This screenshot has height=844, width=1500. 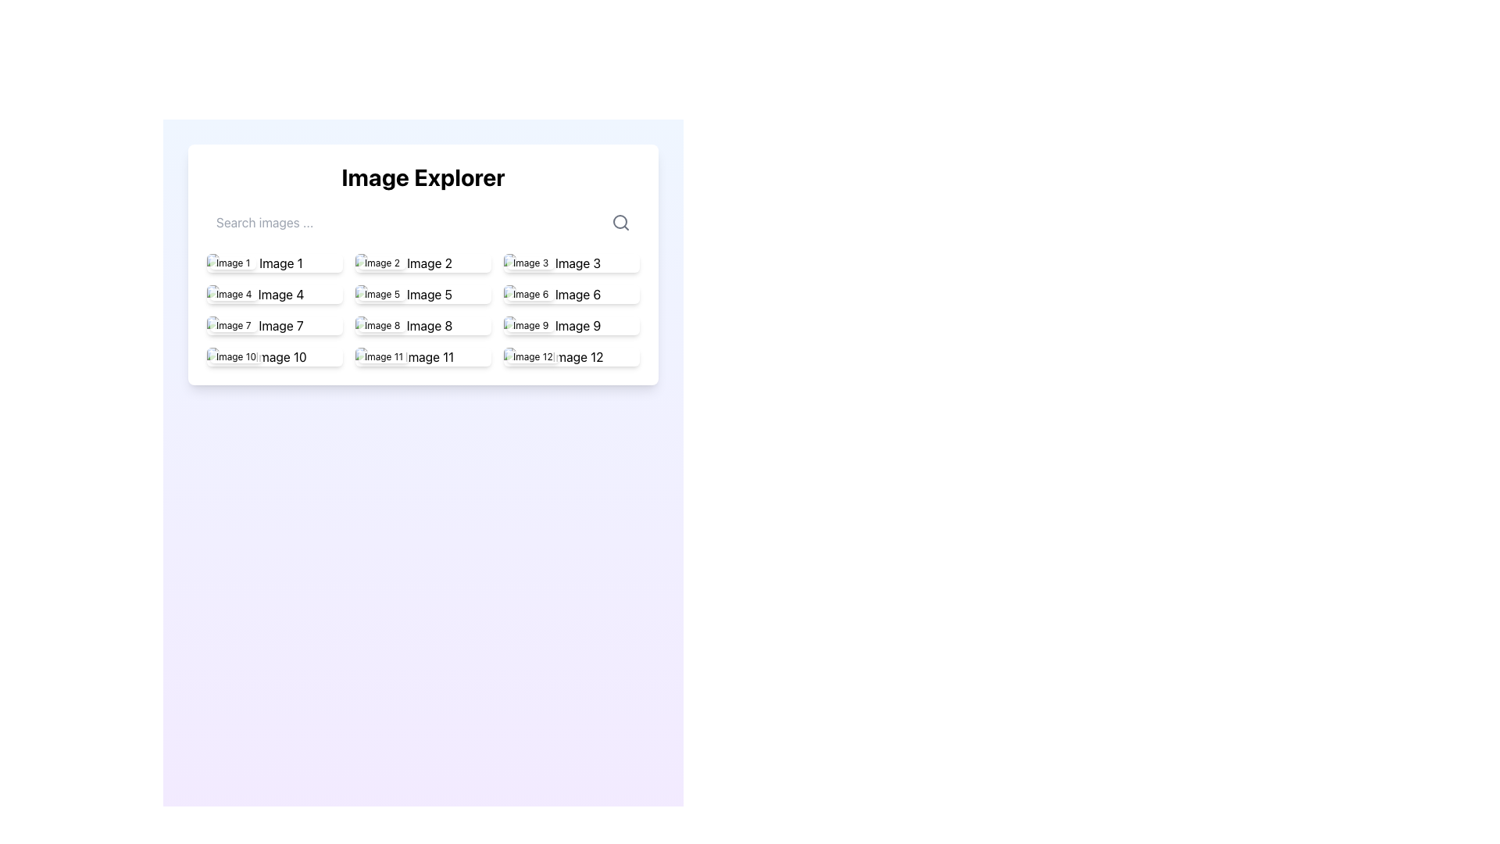 I want to click on to select the image thumbnail located in the first column and first row of the grid layout, so click(x=274, y=262).